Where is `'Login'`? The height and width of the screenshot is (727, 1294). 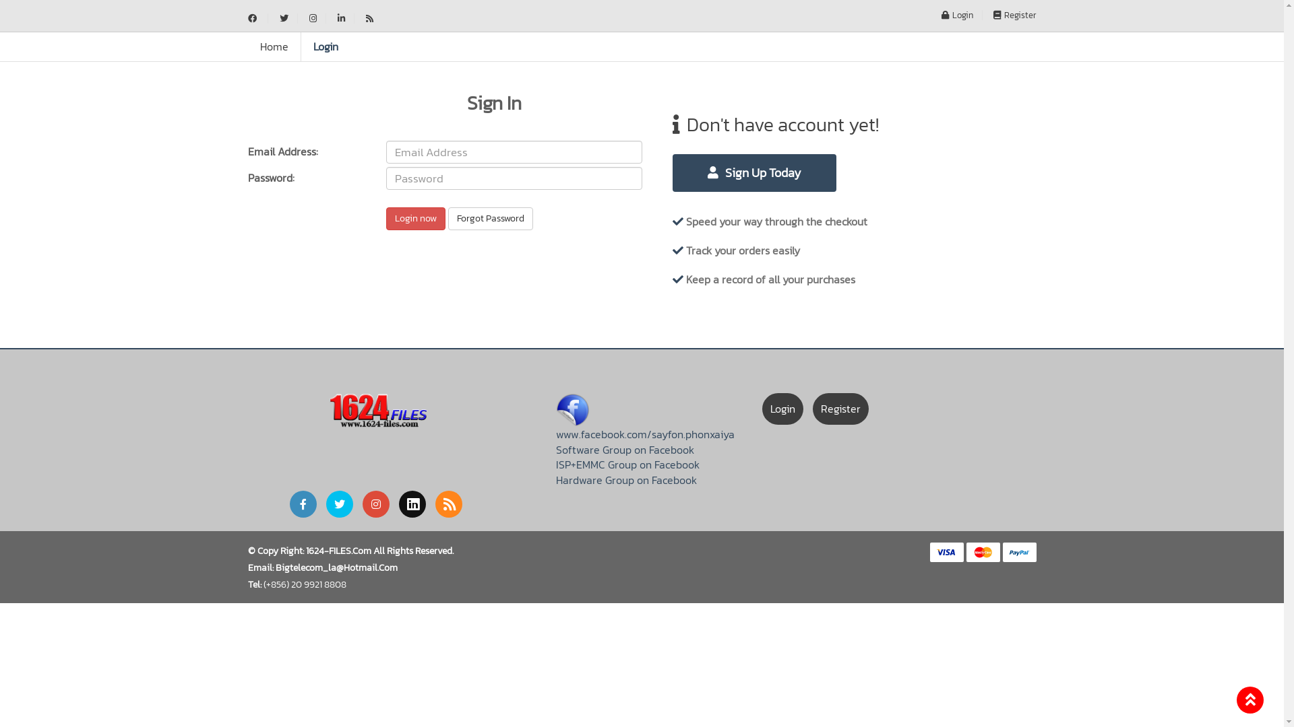 'Login' is located at coordinates (762, 408).